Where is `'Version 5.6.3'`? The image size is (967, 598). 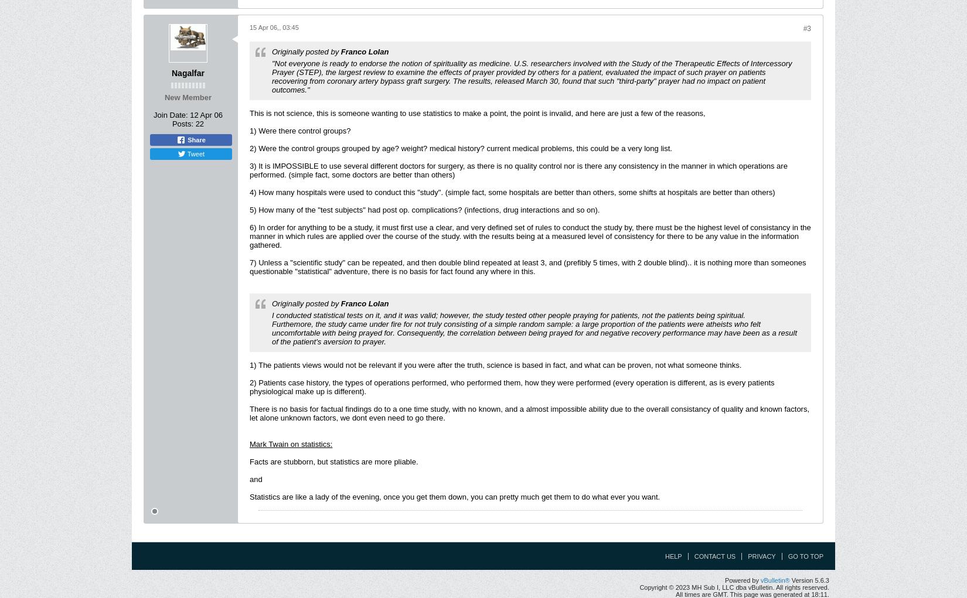
'Version 5.6.3' is located at coordinates (809, 579).